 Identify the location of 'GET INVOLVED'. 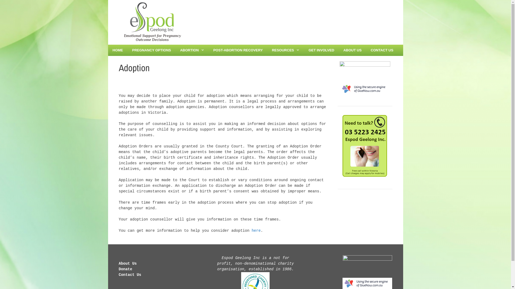
(321, 50).